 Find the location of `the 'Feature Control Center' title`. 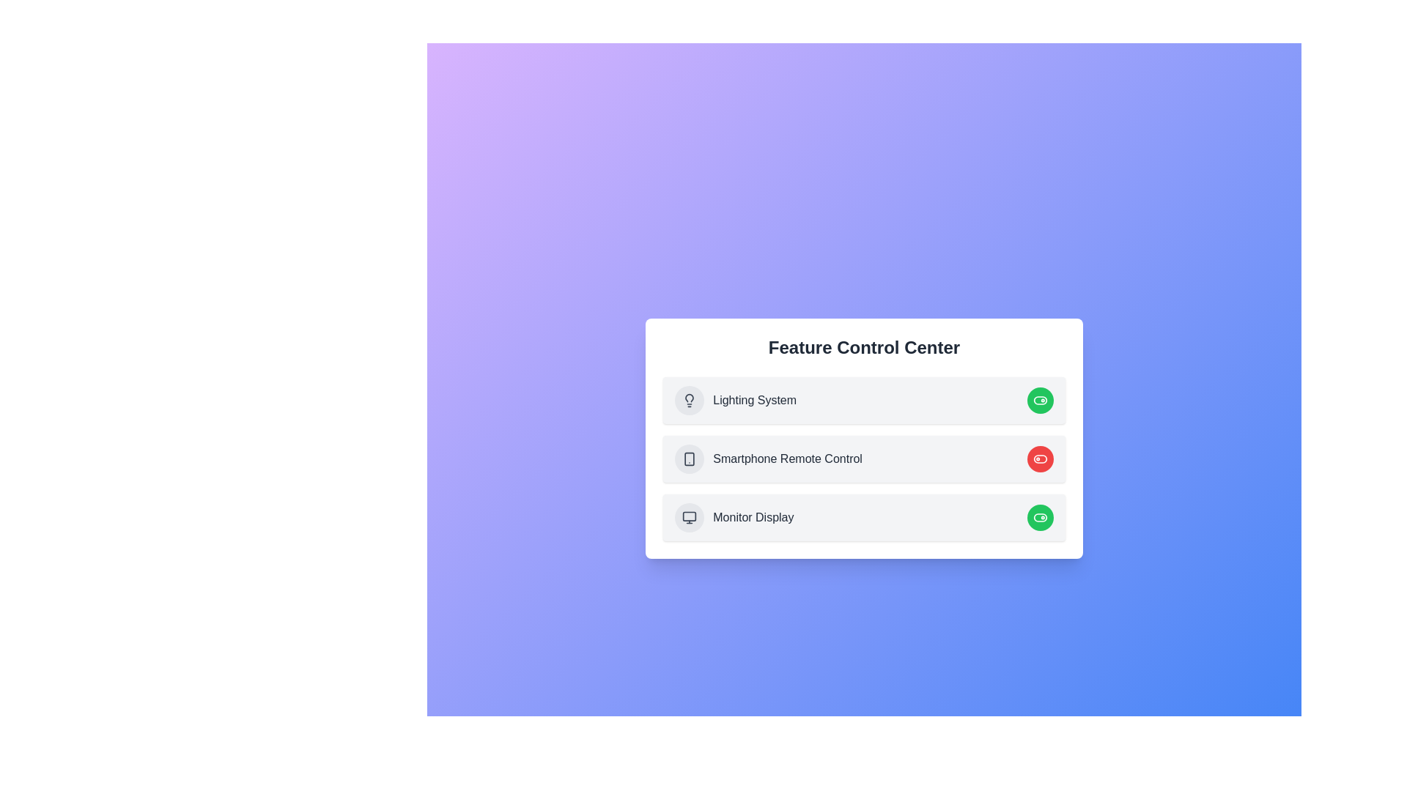

the 'Feature Control Center' title is located at coordinates (864, 347).